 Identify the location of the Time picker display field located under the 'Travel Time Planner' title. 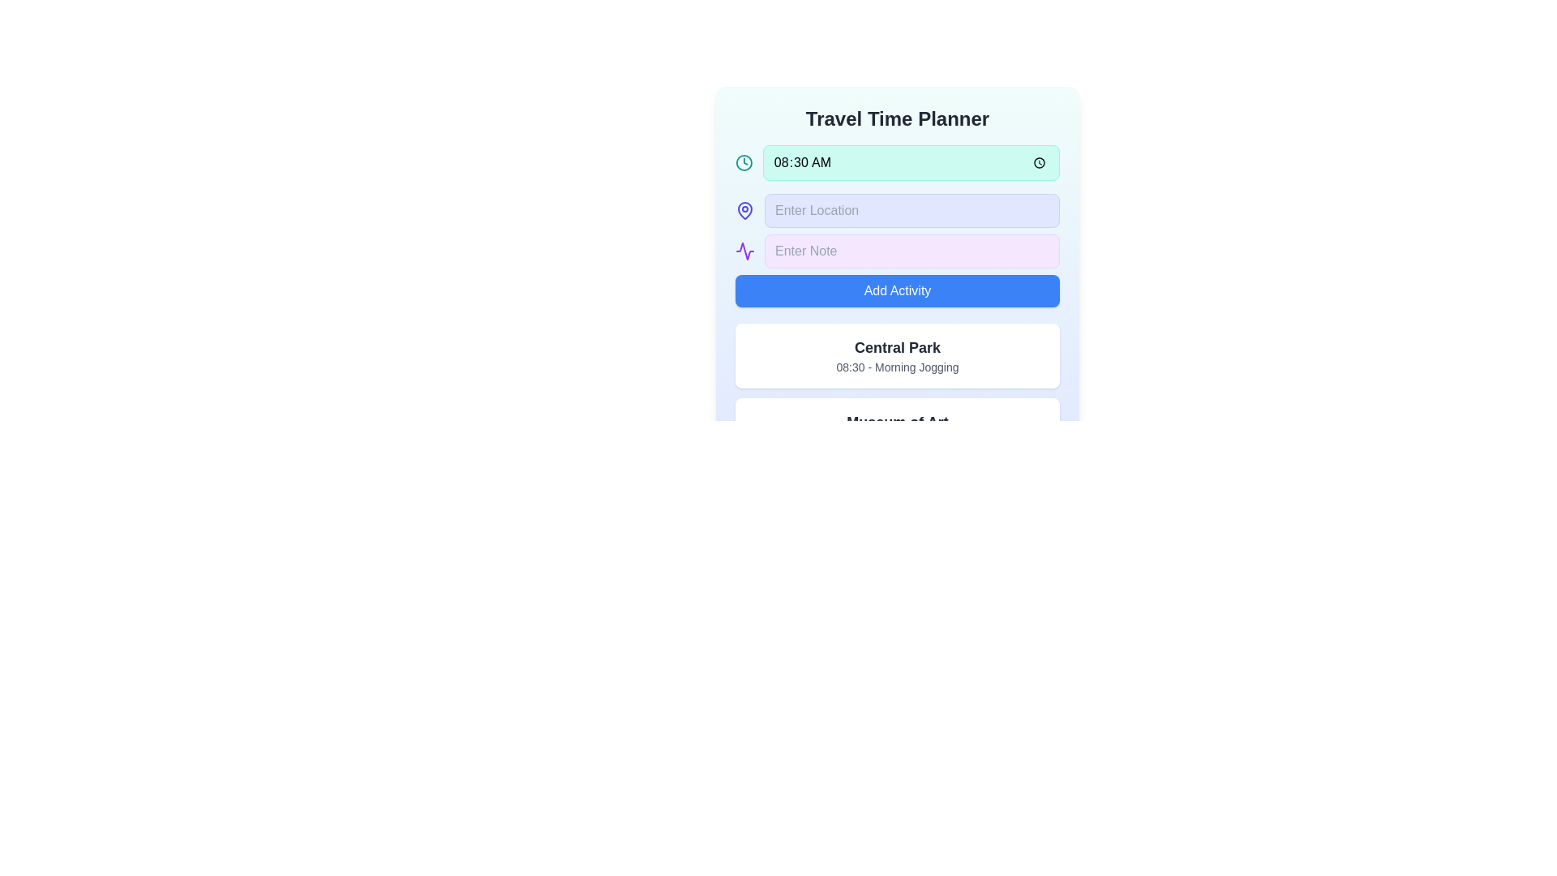
(897, 162).